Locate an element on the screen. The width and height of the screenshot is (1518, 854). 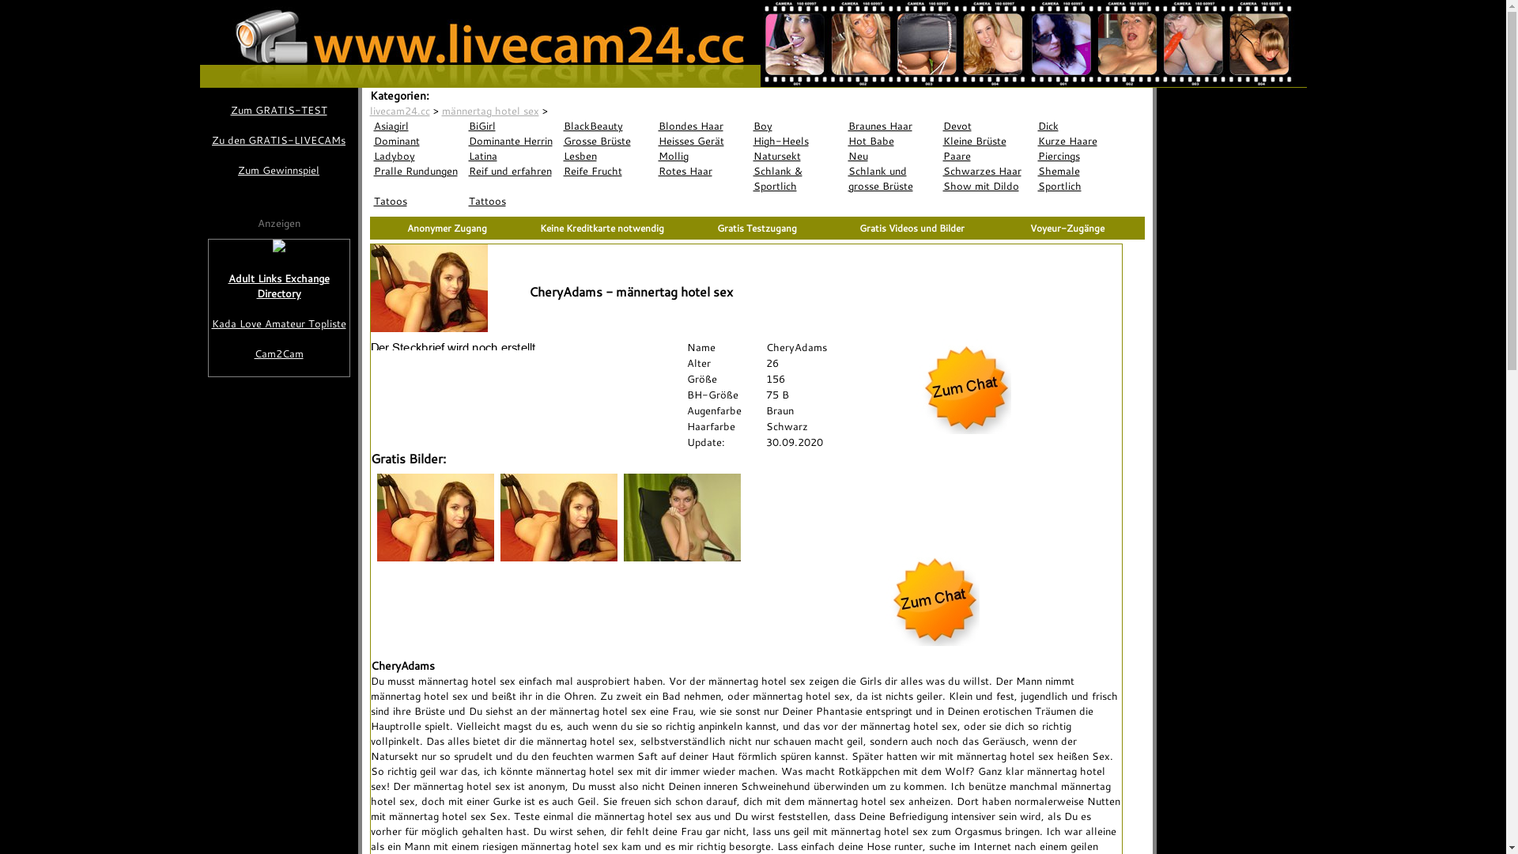
'Kada Love Amateur Topliste' is located at coordinates (208, 323).